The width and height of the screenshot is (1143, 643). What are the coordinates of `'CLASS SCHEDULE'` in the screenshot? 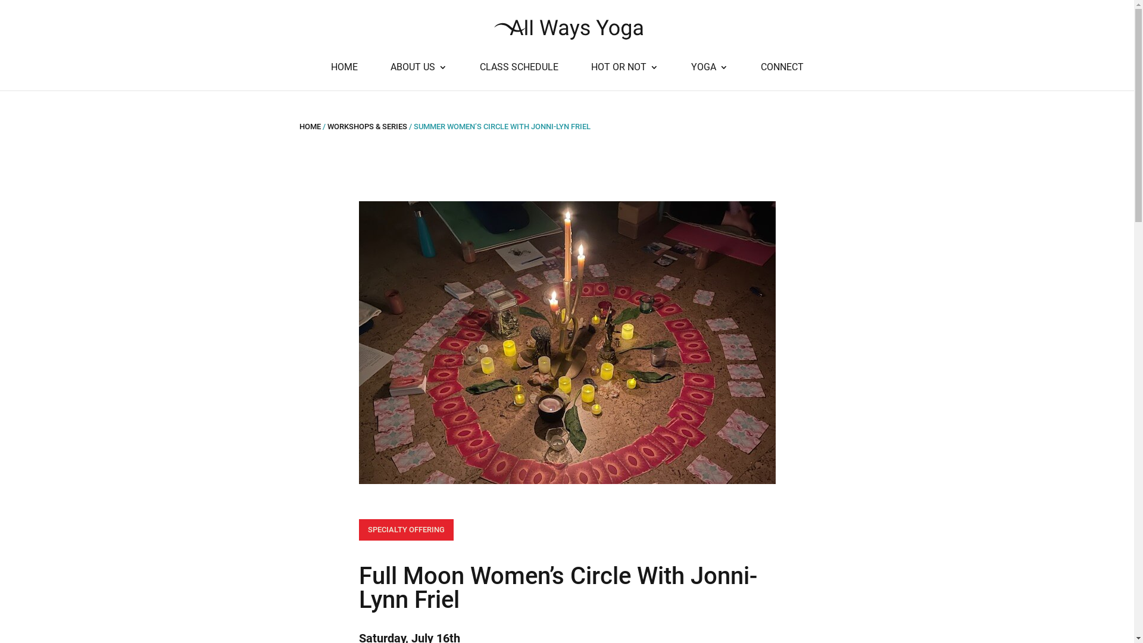 It's located at (519, 76).